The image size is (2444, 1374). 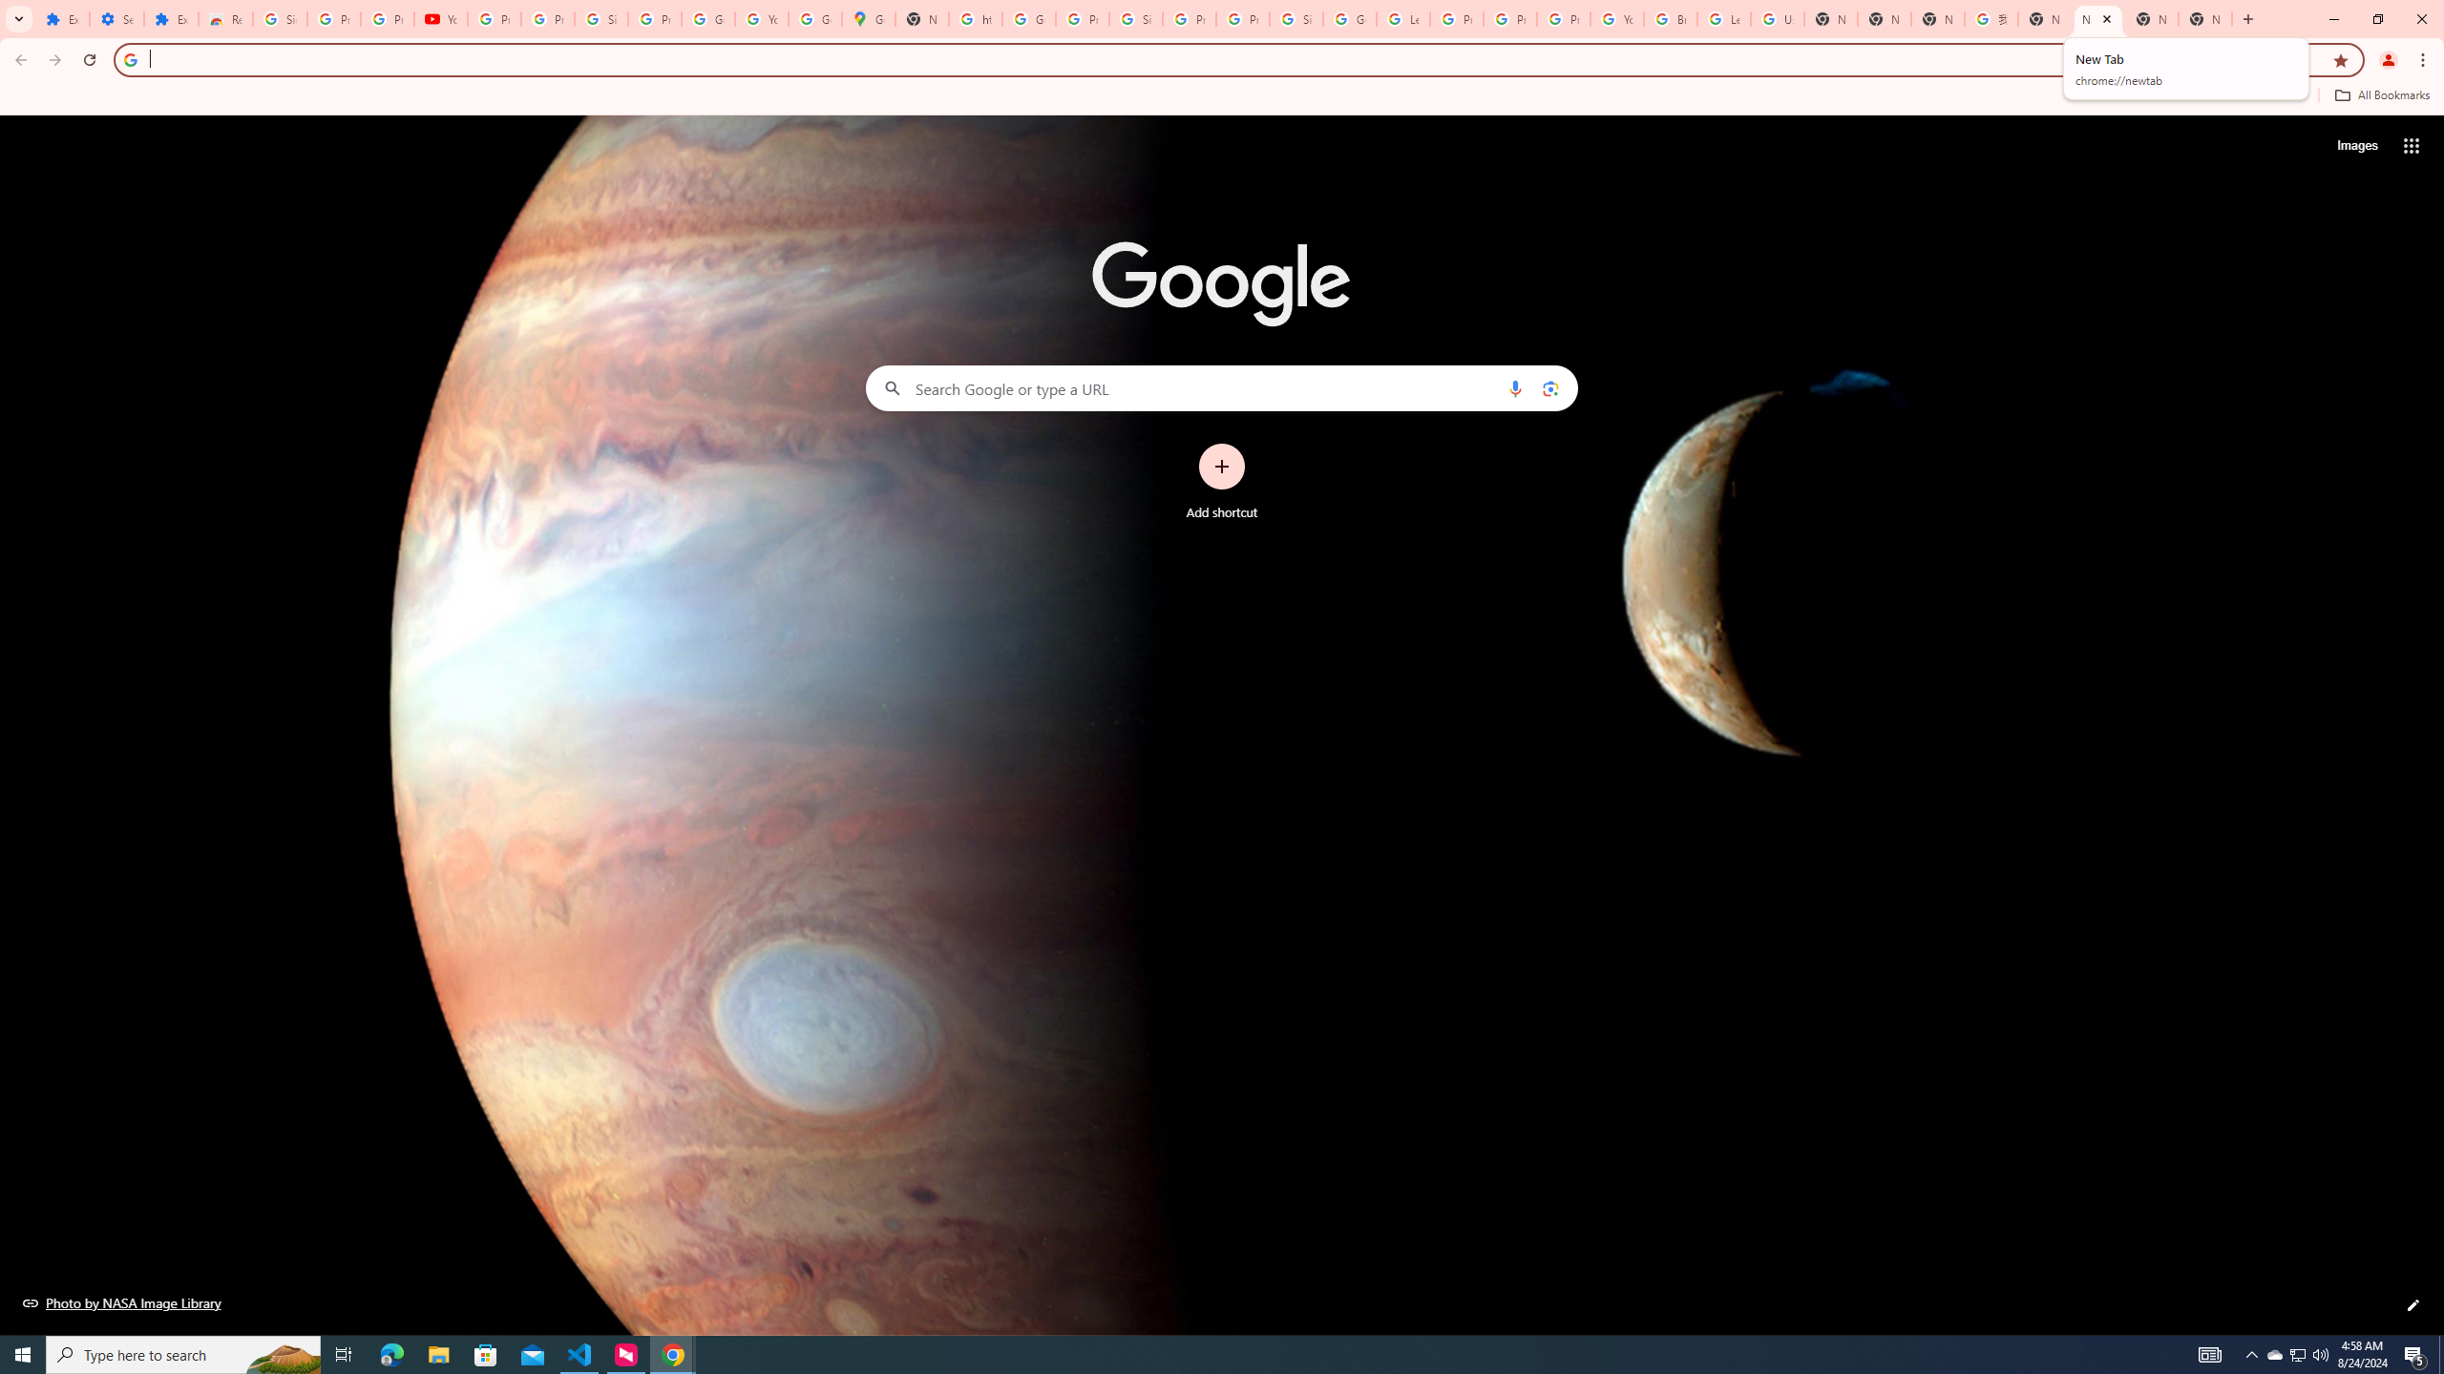 What do you see at coordinates (868, 18) in the screenshot?
I see `'Google Maps'` at bounding box center [868, 18].